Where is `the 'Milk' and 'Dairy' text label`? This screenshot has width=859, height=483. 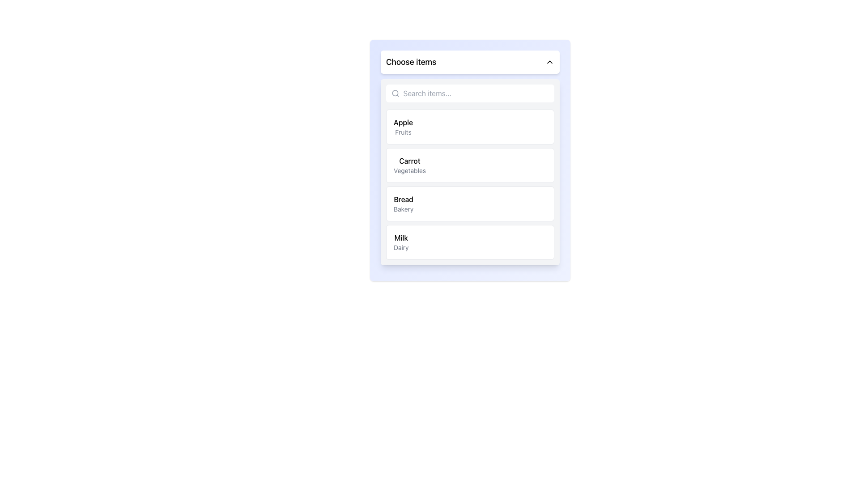 the 'Milk' and 'Dairy' text label is located at coordinates (400, 242).